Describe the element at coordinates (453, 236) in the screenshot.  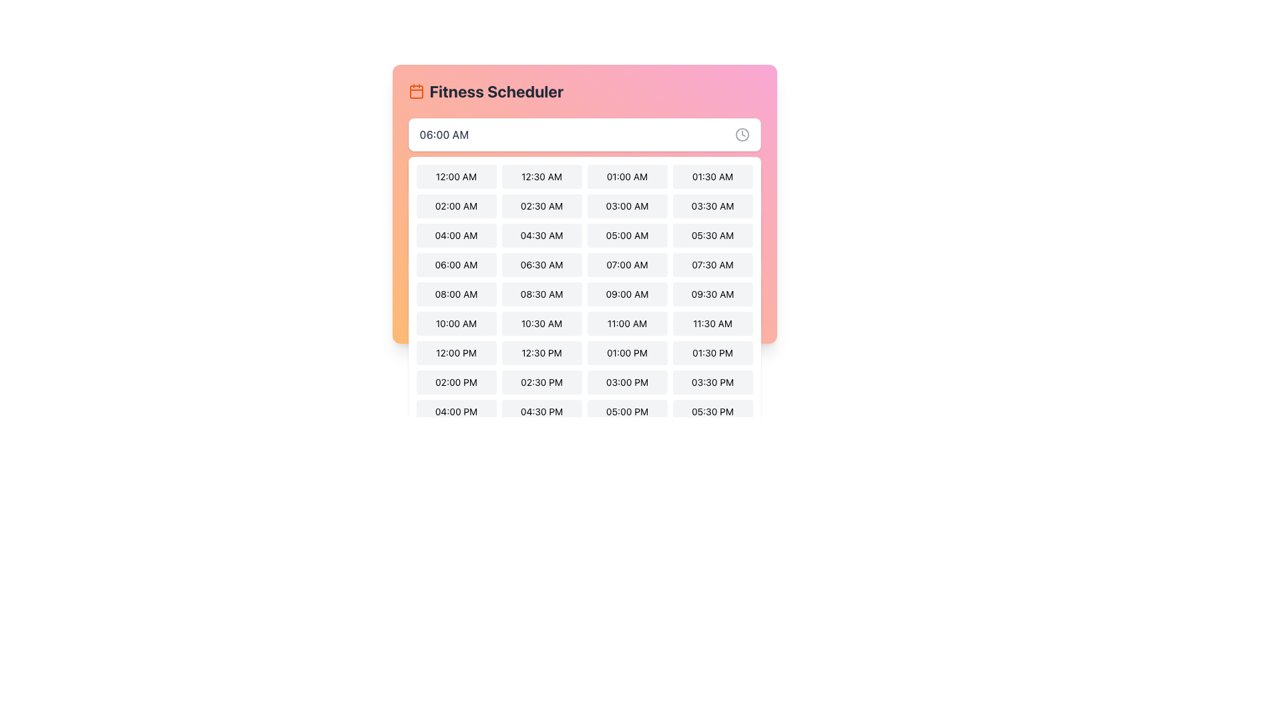
I see `the schedule entry` at that location.